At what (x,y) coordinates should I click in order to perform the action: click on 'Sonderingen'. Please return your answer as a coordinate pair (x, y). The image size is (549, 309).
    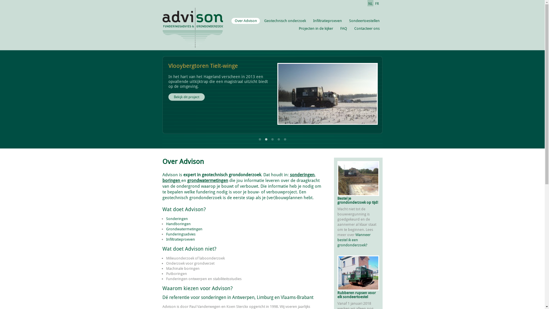
    Looking at the image, I should click on (166, 219).